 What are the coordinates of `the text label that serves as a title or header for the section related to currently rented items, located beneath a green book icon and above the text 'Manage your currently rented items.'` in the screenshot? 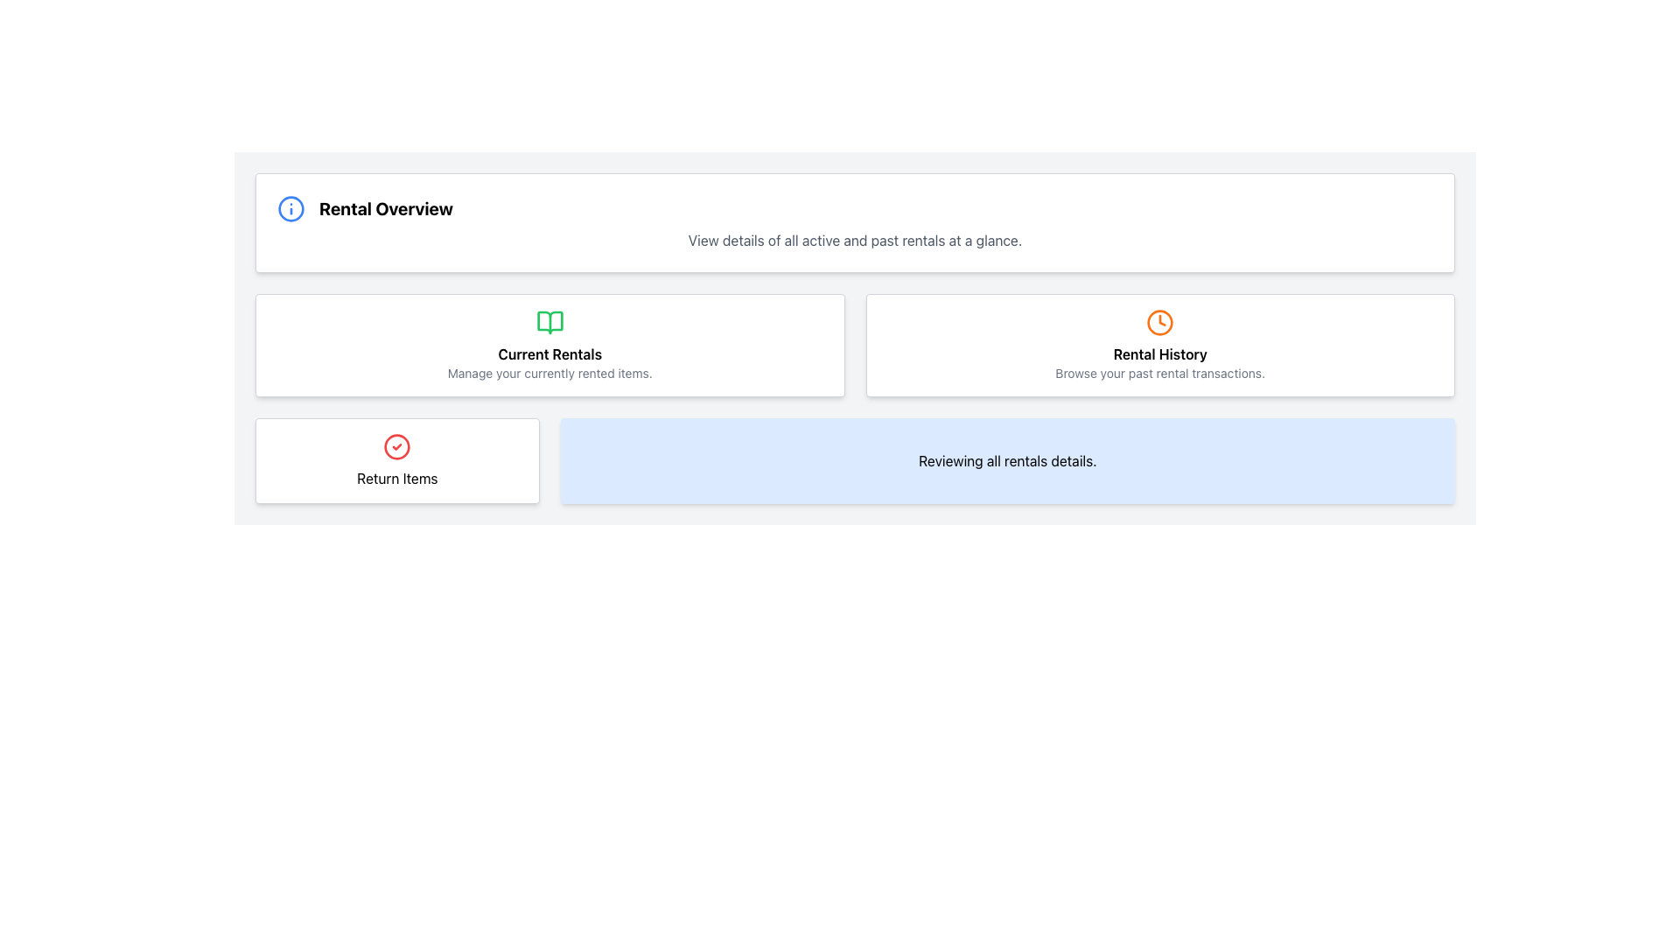 It's located at (549, 354).